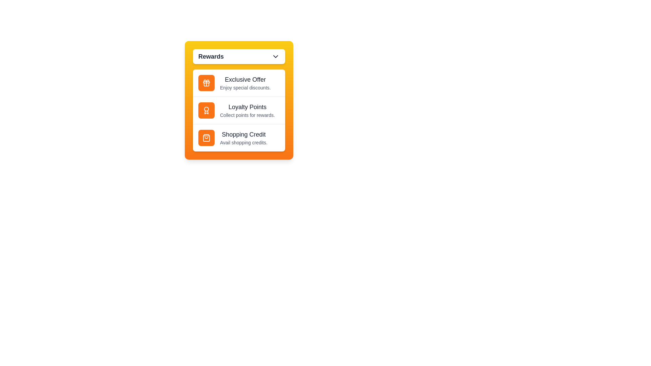 The height and width of the screenshot is (366, 651). Describe the element at coordinates (239, 109) in the screenshot. I see `the 'Loyalty Points' informational list item, which is the second item in a vertical list within a card-like section` at that location.